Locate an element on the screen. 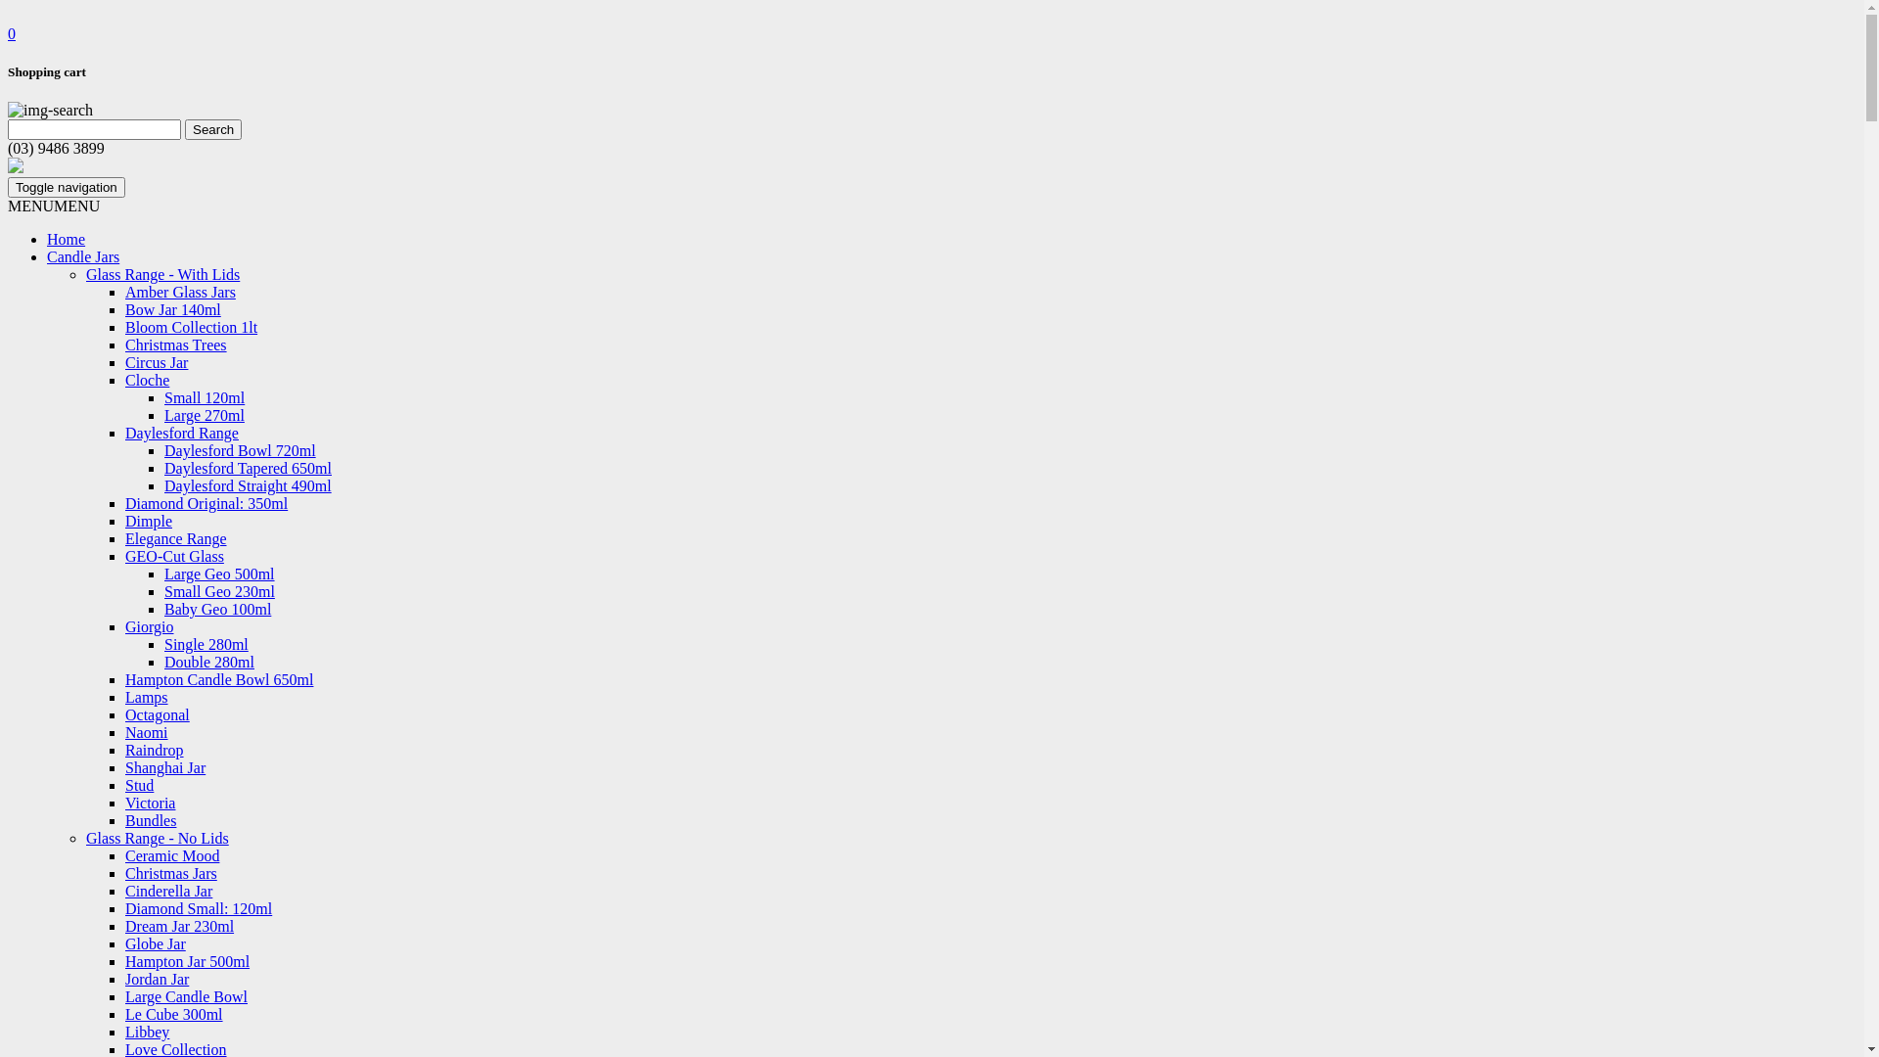 The height and width of the screenshot is (1057, 1879). 'Naomi' is located at coordinates (124, 732).